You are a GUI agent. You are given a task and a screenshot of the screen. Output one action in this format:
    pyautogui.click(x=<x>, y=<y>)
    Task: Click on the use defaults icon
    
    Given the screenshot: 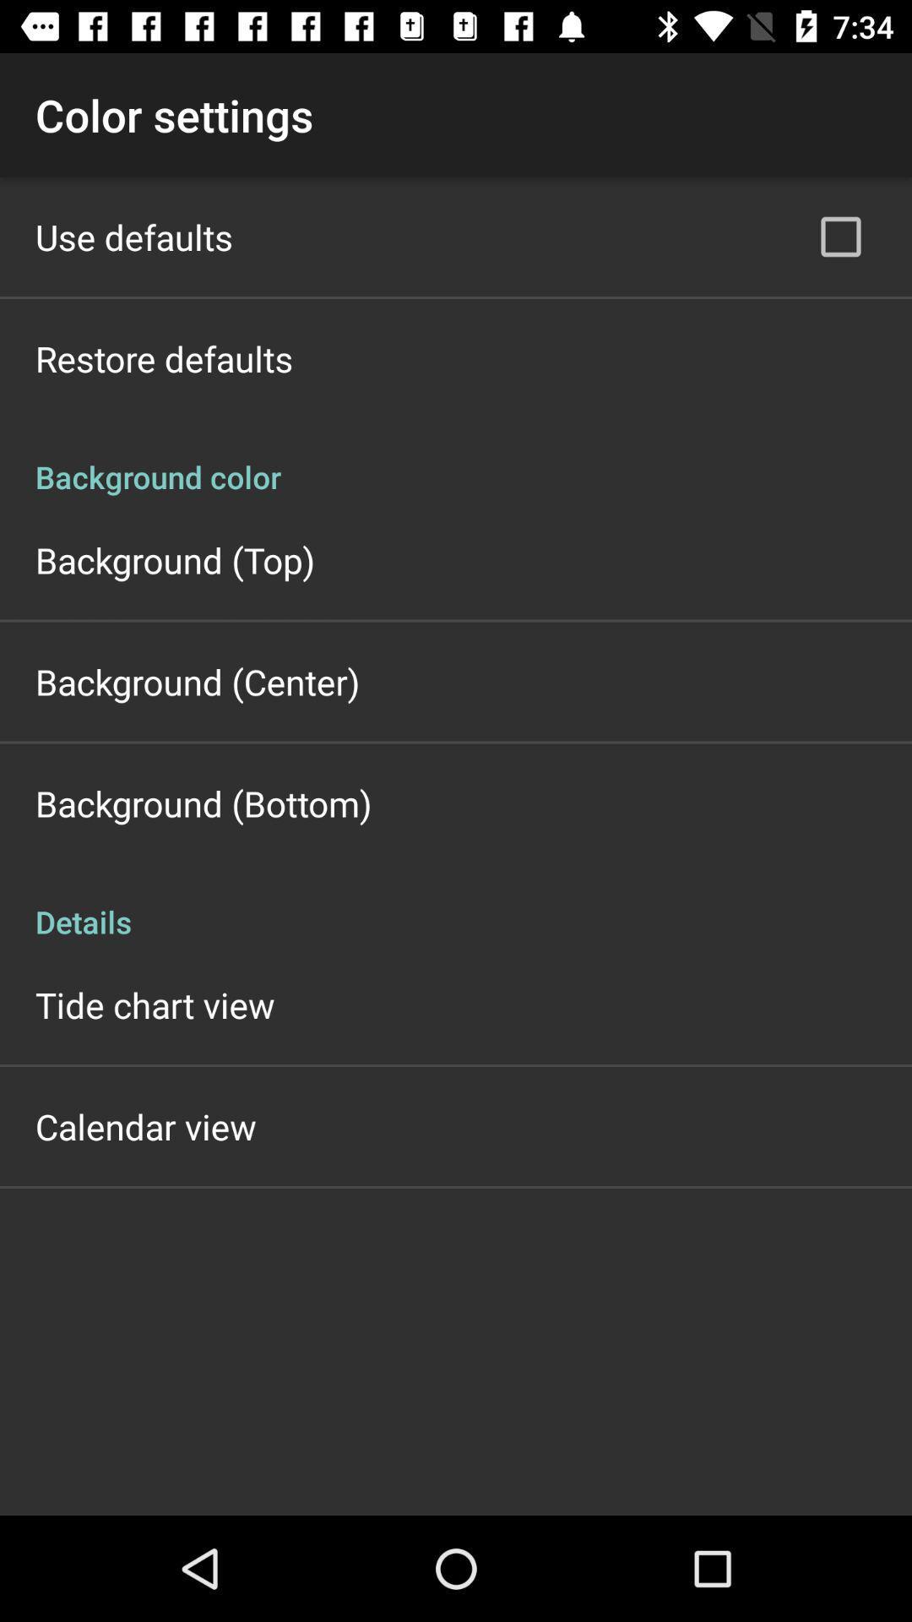 What is the action you would take?
    pyautogui.click(x=133, y=236)
    